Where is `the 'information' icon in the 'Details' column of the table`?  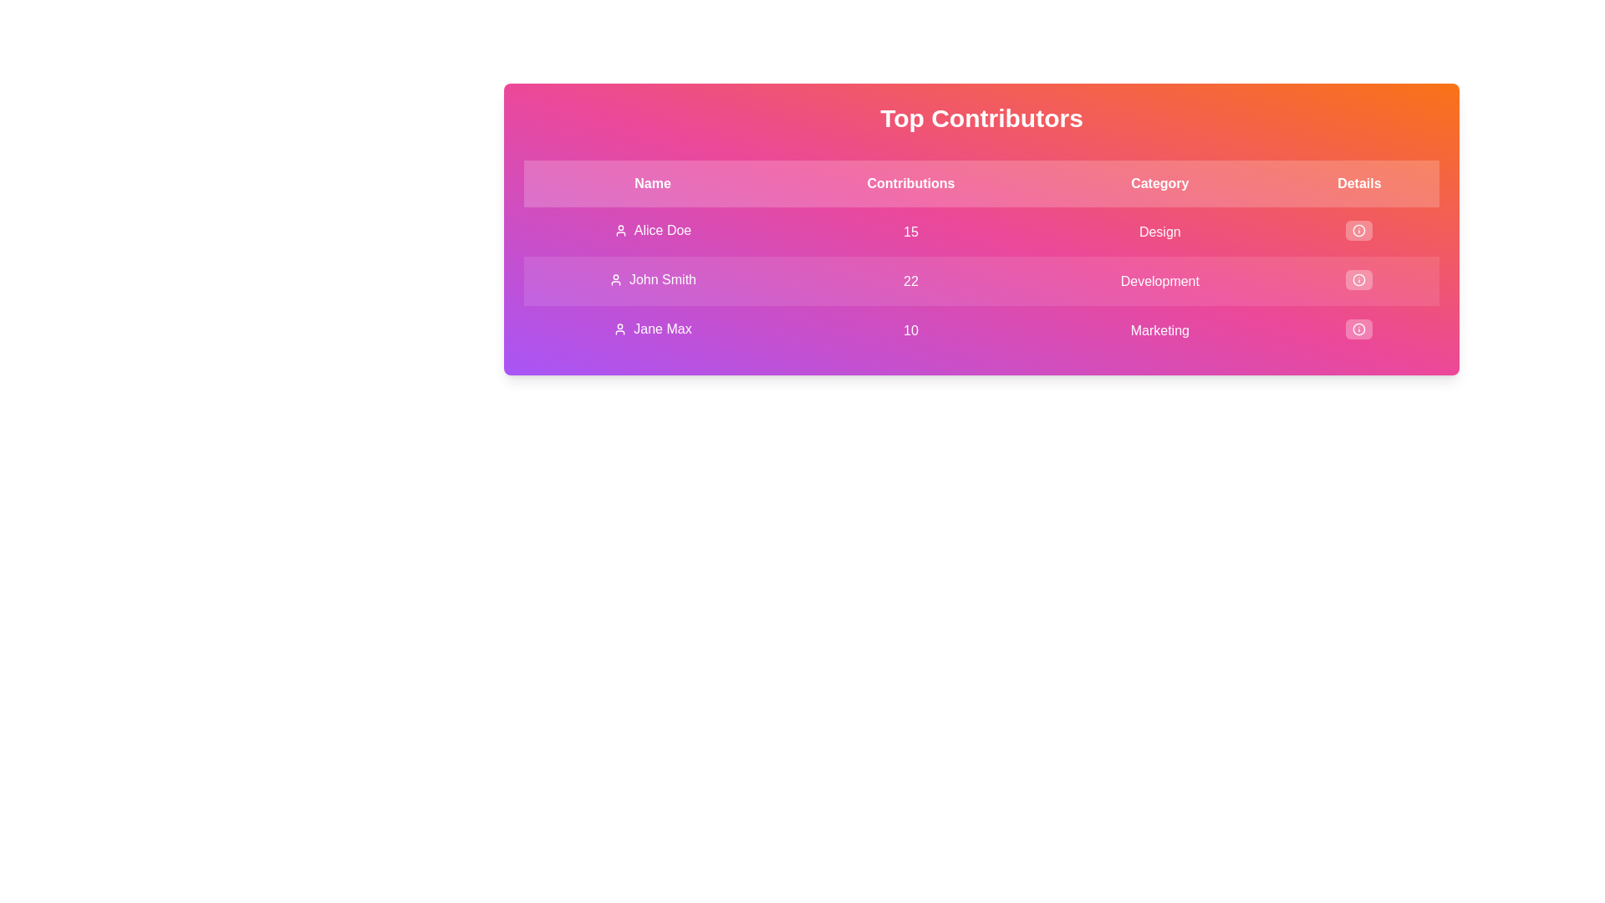
the 'information' icon in the 'Details' column of the table is located at coordinates (1359, 231).